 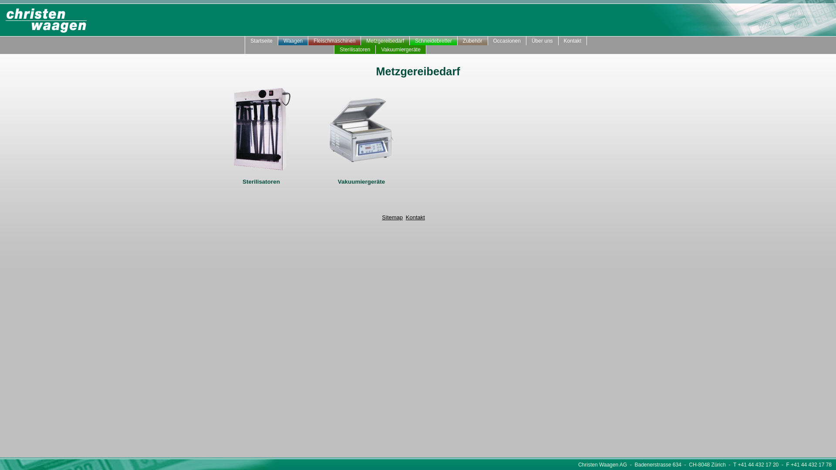 What do you see at coordinates (779, 464) in the screenshot?
I see `'  -  T +41 44 432 17 20  -  F +41 44 432 17 78'` at bounding box center [779, 464].